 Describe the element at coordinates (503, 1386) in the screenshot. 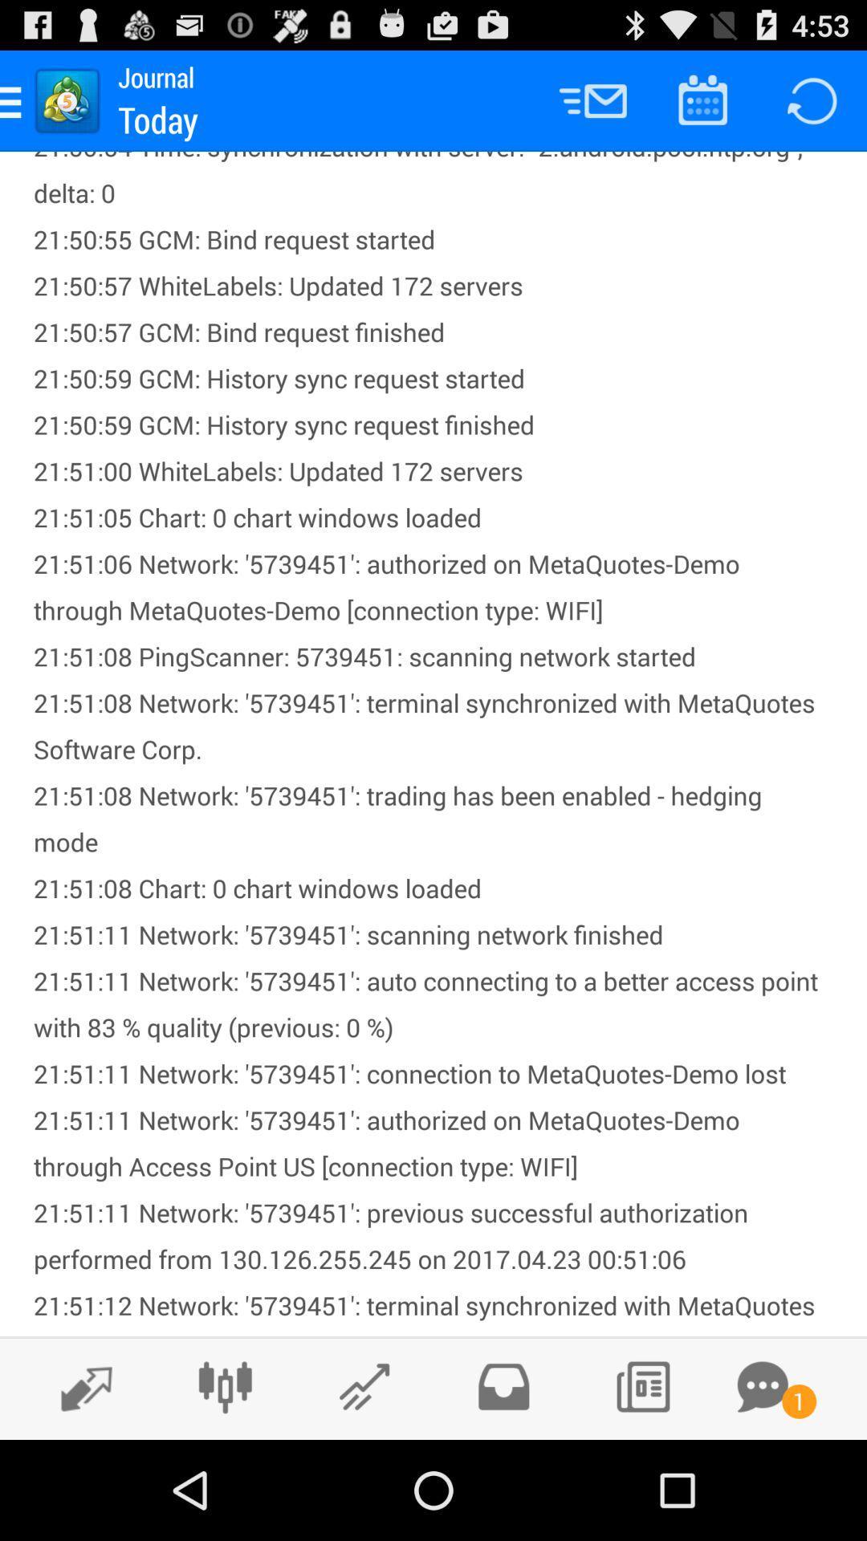

I see `security options` at that location.